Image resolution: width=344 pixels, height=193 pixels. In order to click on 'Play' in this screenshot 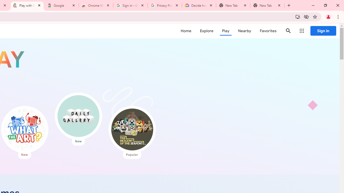, I will do `click(226, 31)`.